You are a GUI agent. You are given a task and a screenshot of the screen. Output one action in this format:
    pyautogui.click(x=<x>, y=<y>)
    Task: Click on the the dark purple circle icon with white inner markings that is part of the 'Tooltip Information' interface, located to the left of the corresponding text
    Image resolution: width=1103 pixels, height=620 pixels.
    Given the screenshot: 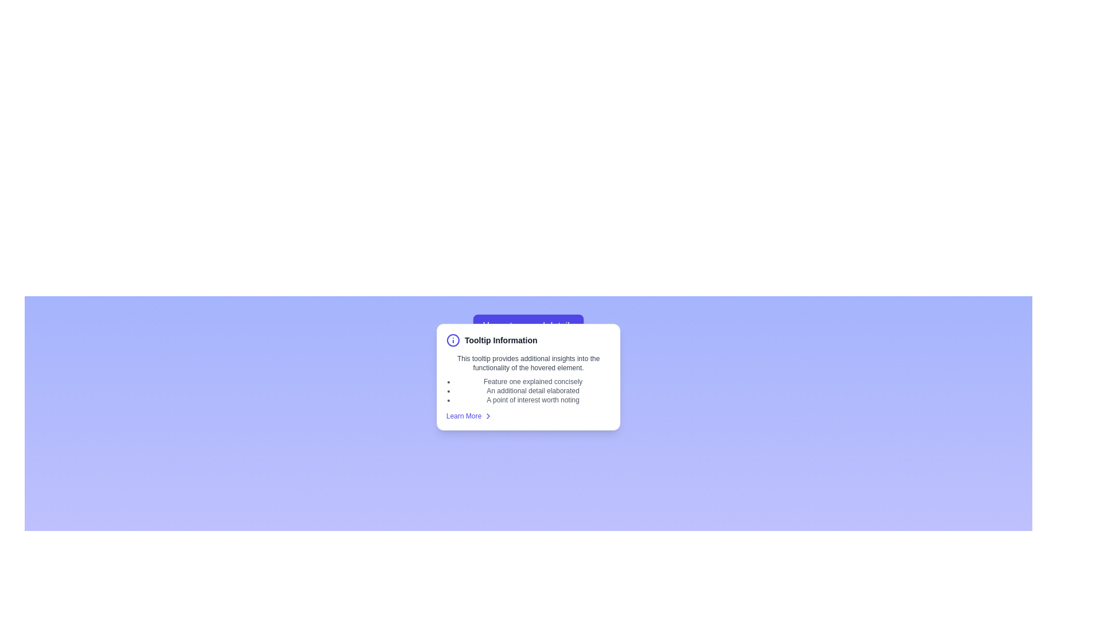 What is the action you would take?
    pyautogui.click(x=452, y=340)
    